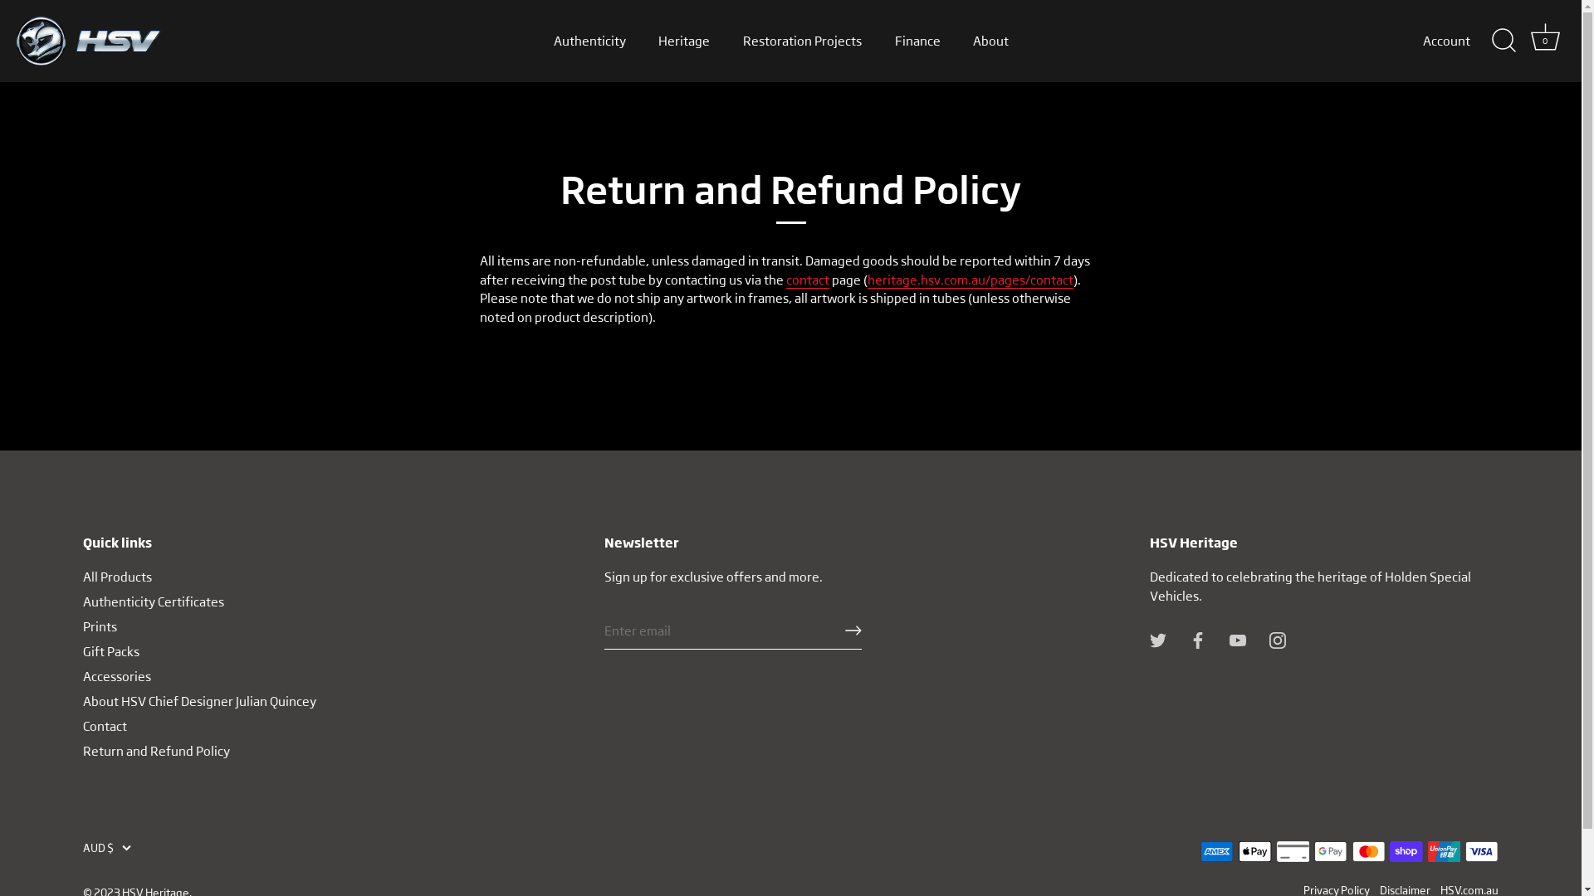 The height and width of the screenshot is (896, 1594). I want to click on 'Authenticity', so click(589, 40).